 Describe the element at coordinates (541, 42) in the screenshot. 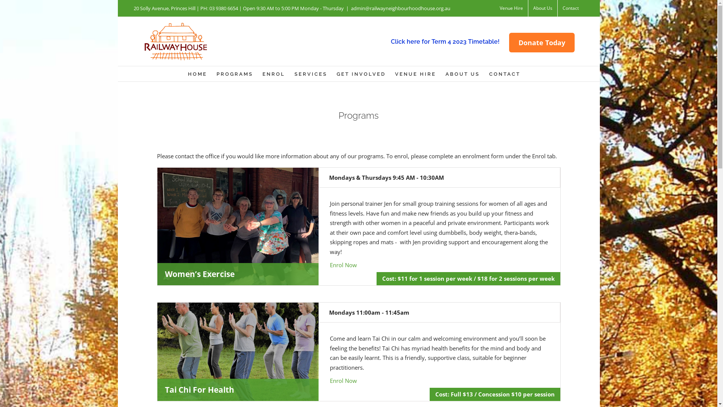

I see `'Donate Today'` at that location.